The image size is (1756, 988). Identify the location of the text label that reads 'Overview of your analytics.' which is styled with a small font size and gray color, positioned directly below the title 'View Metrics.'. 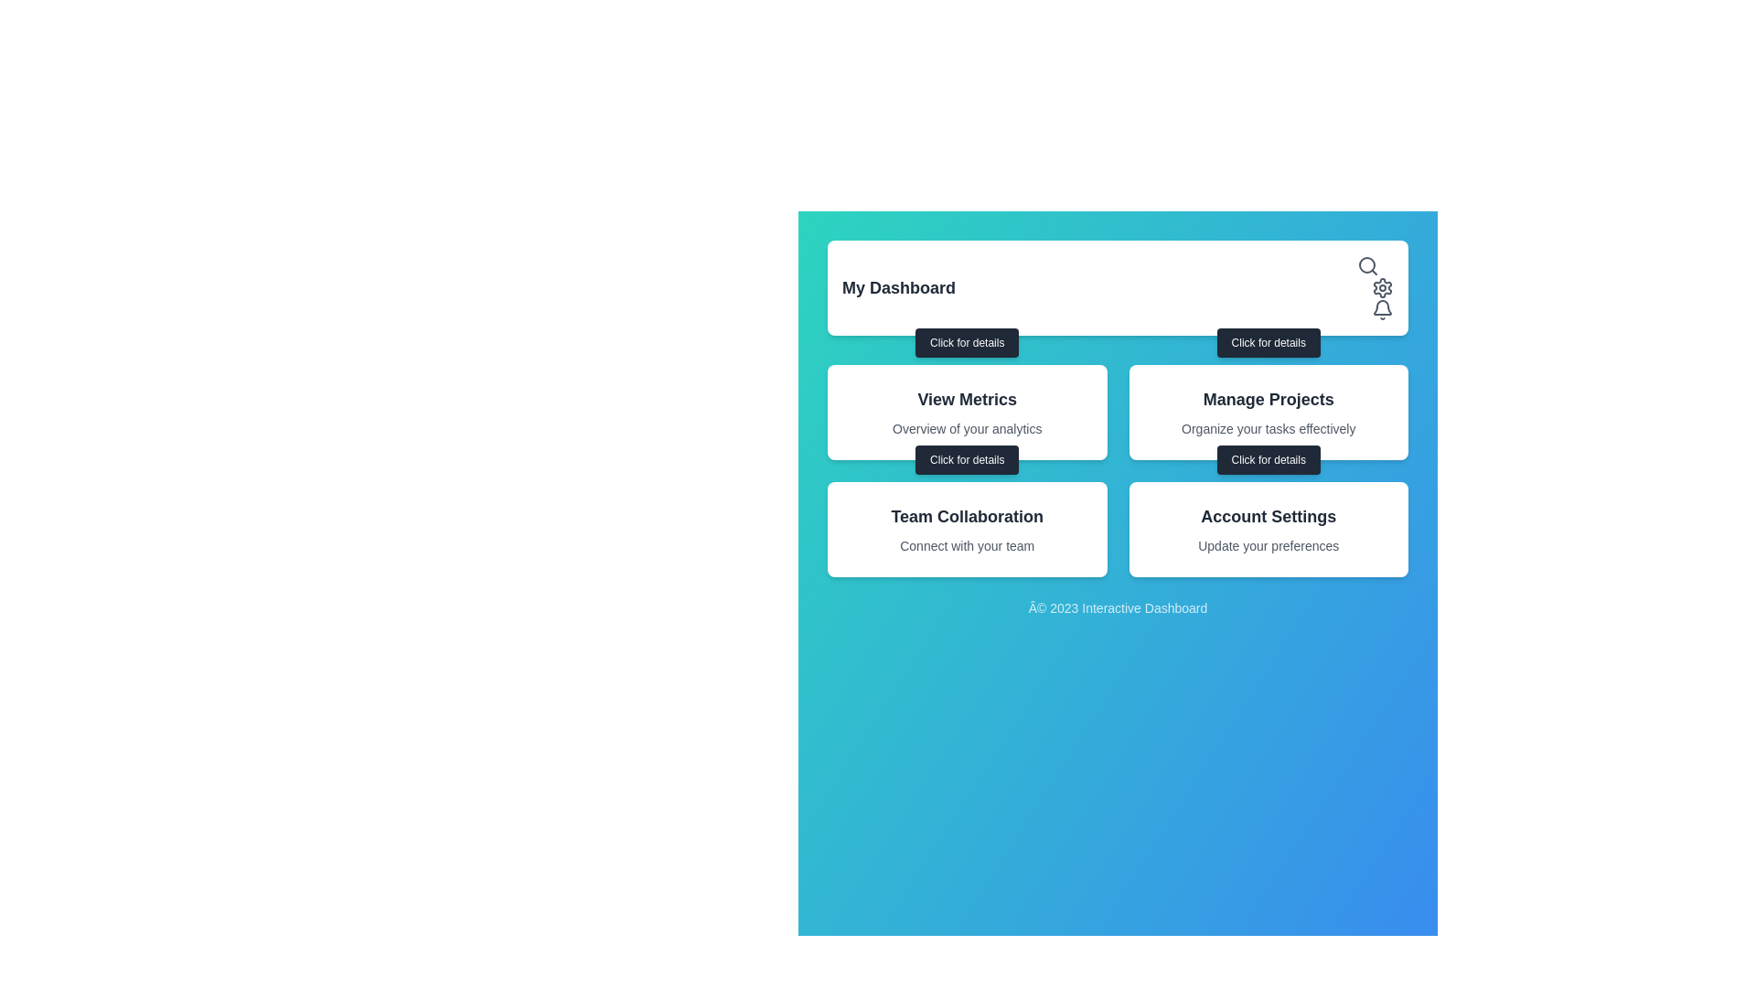
(966, 429).